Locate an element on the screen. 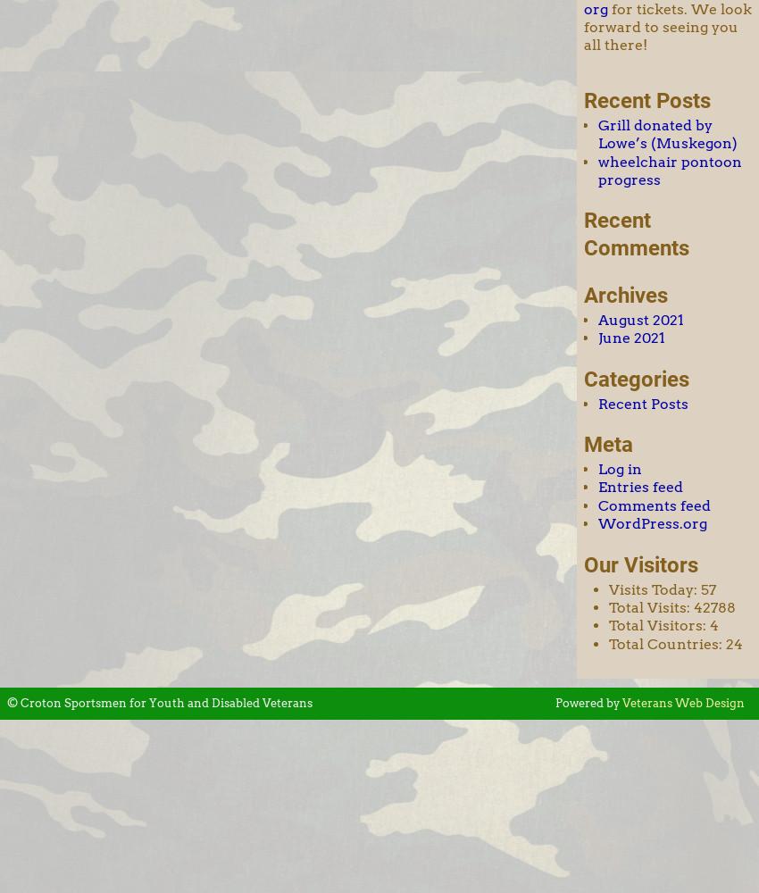 The height and width of the screenshot is (893, 759). 'Visits Today: 57' is located at coordinates (662, 588).